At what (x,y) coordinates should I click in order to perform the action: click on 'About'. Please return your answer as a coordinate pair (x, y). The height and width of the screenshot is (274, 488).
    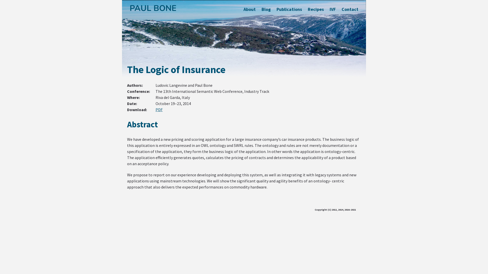
    Looking at the image, I should click on (250, 9).